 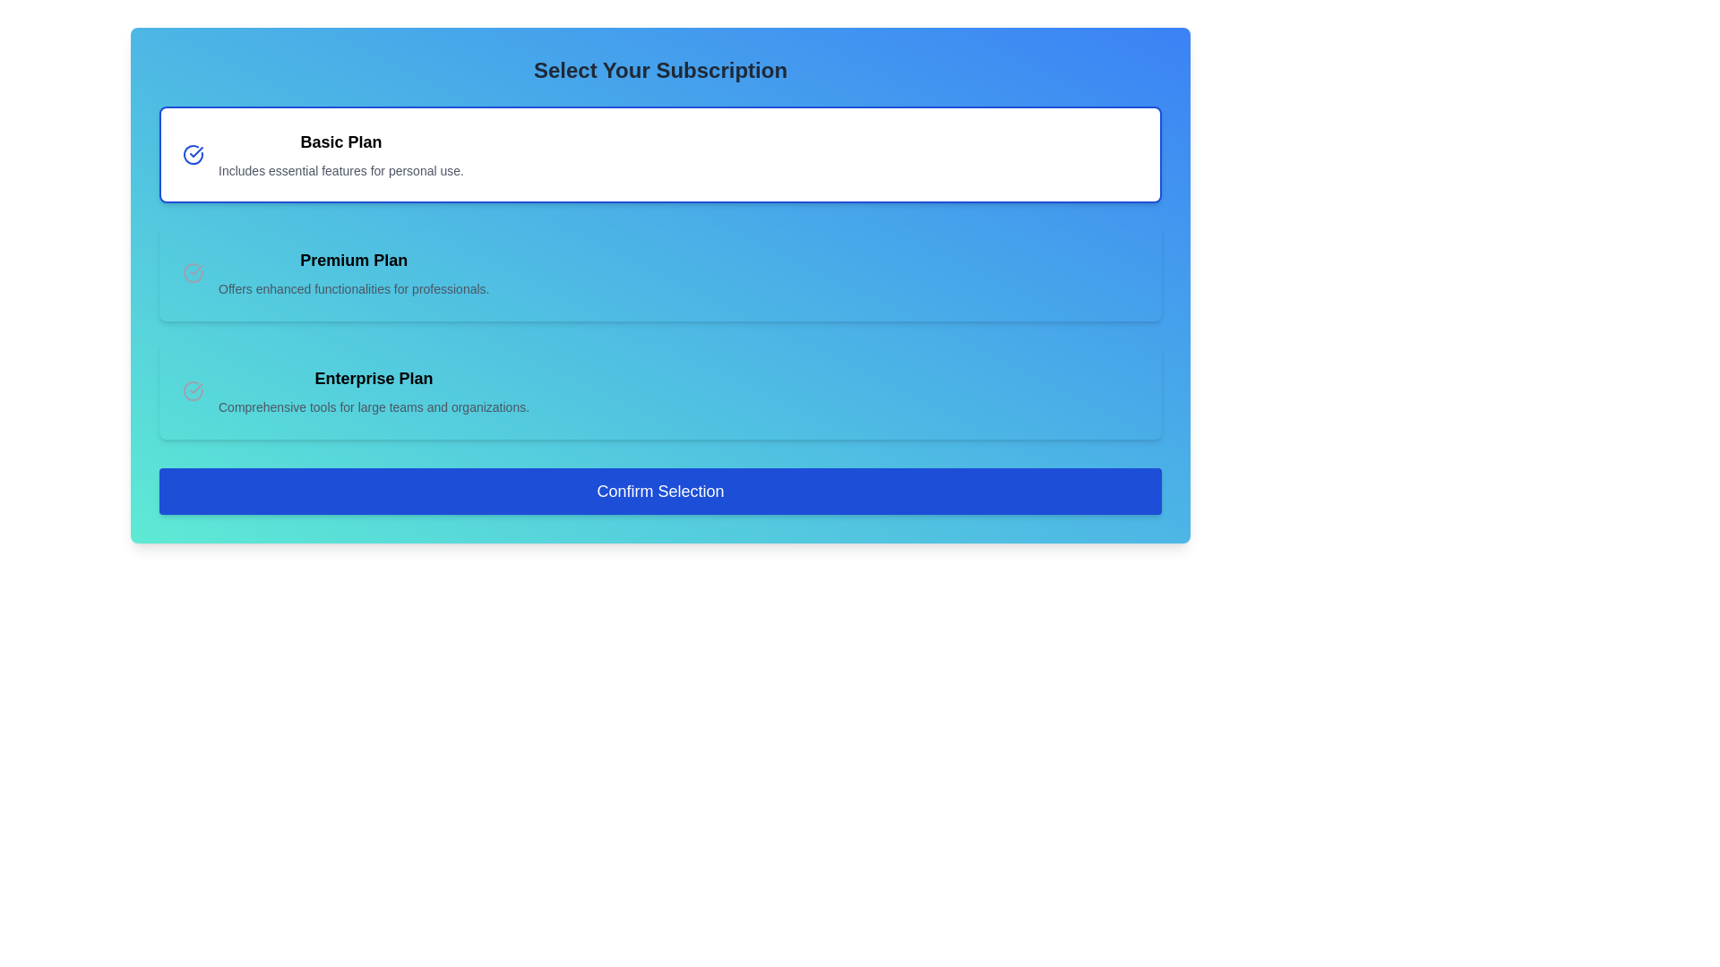 I want to click on the text label indicating the 'Basic Plan' subscription option, which is centrally located within the card above the description, so click(x=340, y=141).